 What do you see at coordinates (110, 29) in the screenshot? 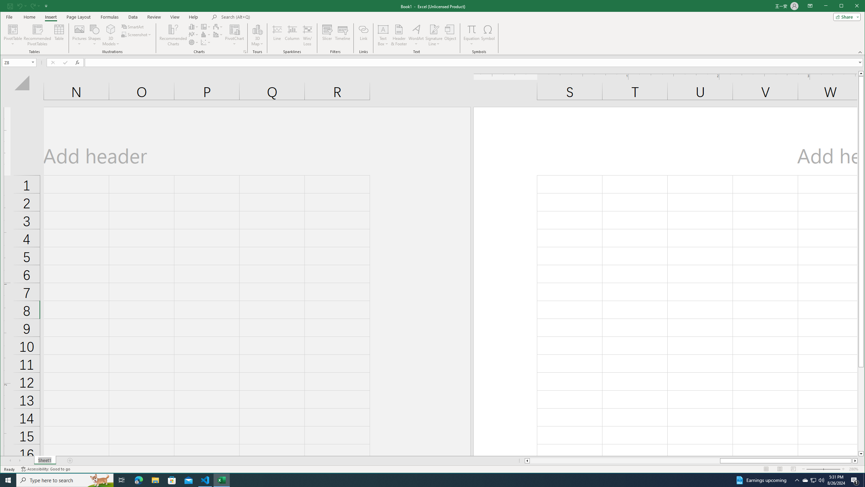
I see `'3D Models'` at bounding box center [110, 29].